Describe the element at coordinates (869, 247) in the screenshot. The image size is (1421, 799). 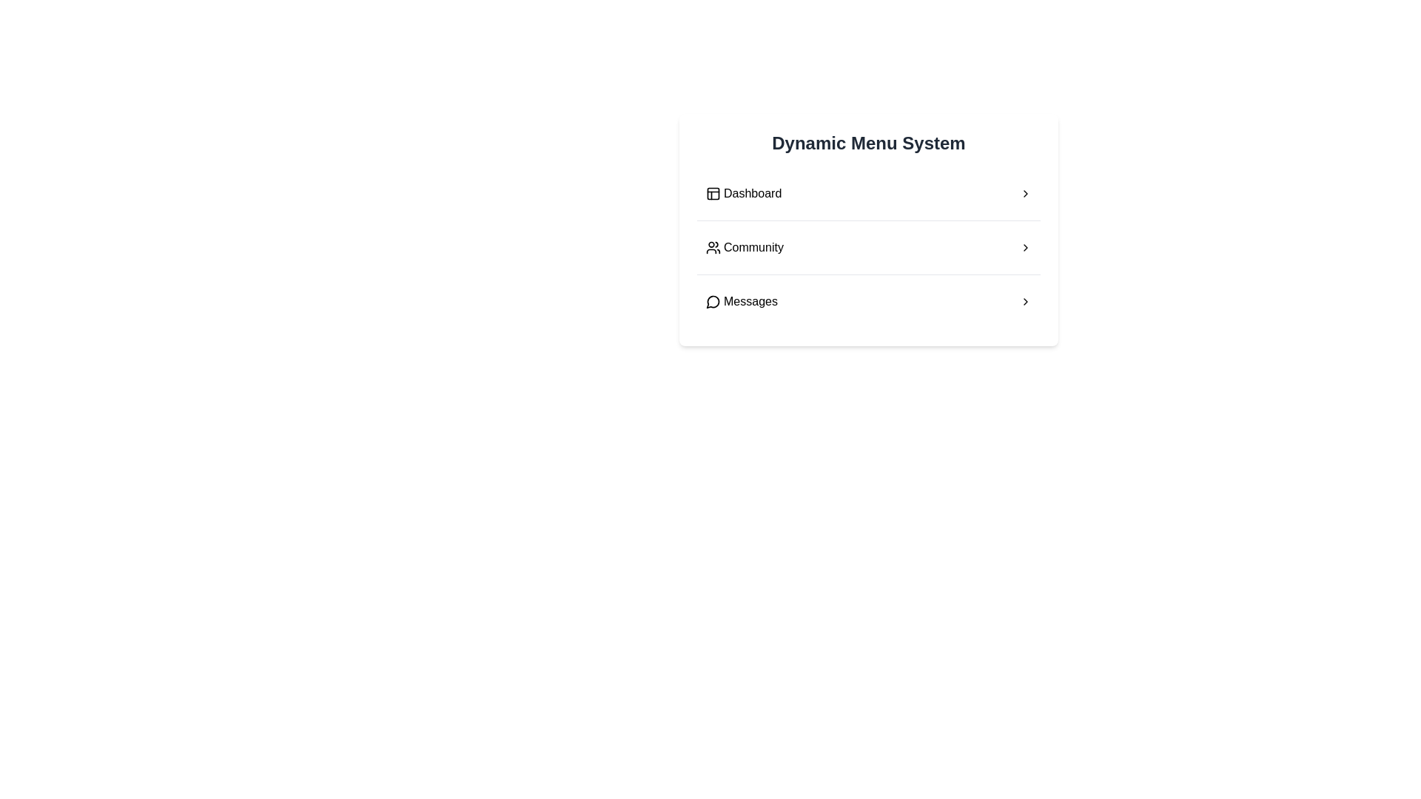
I see `the second item in the vertical navigational menu that leads to the 'Community' section` at that location.